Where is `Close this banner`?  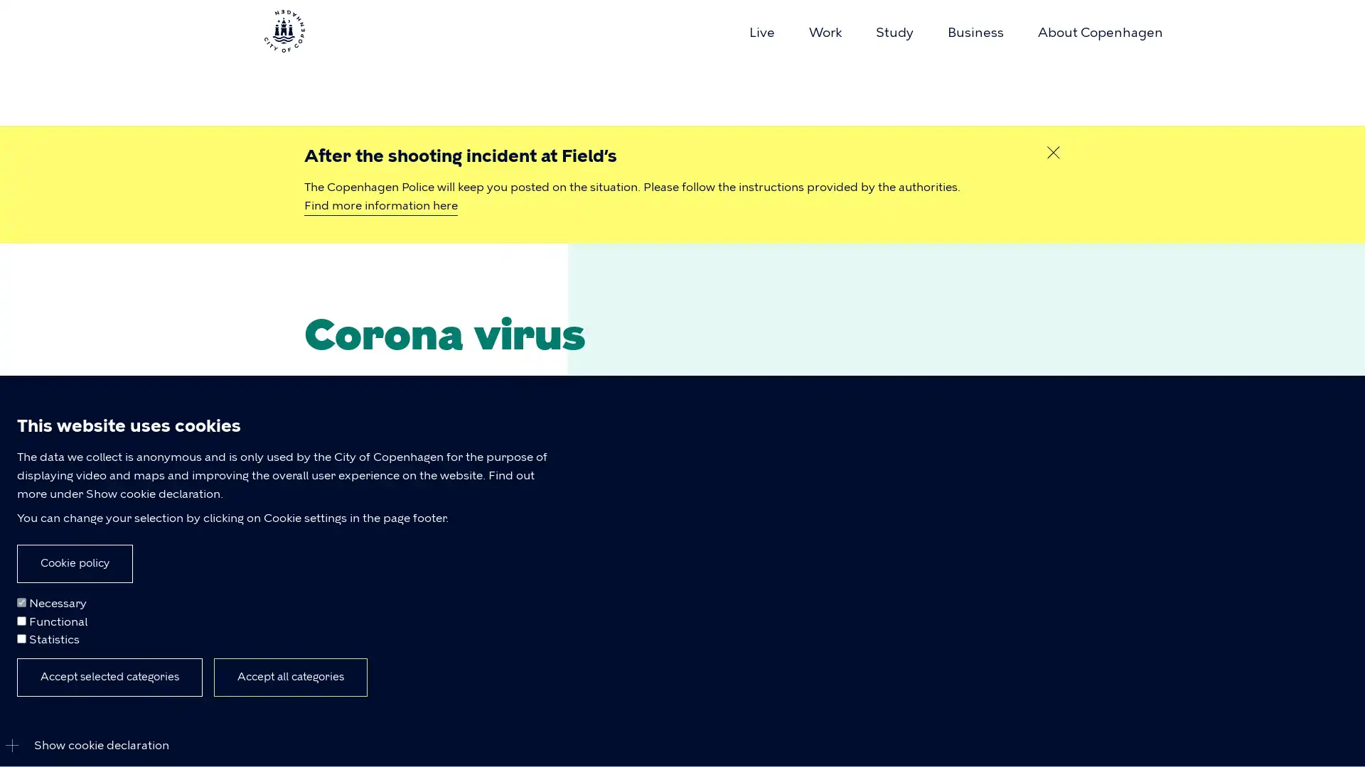
Close this banner is located at coordinates (1054, 153).